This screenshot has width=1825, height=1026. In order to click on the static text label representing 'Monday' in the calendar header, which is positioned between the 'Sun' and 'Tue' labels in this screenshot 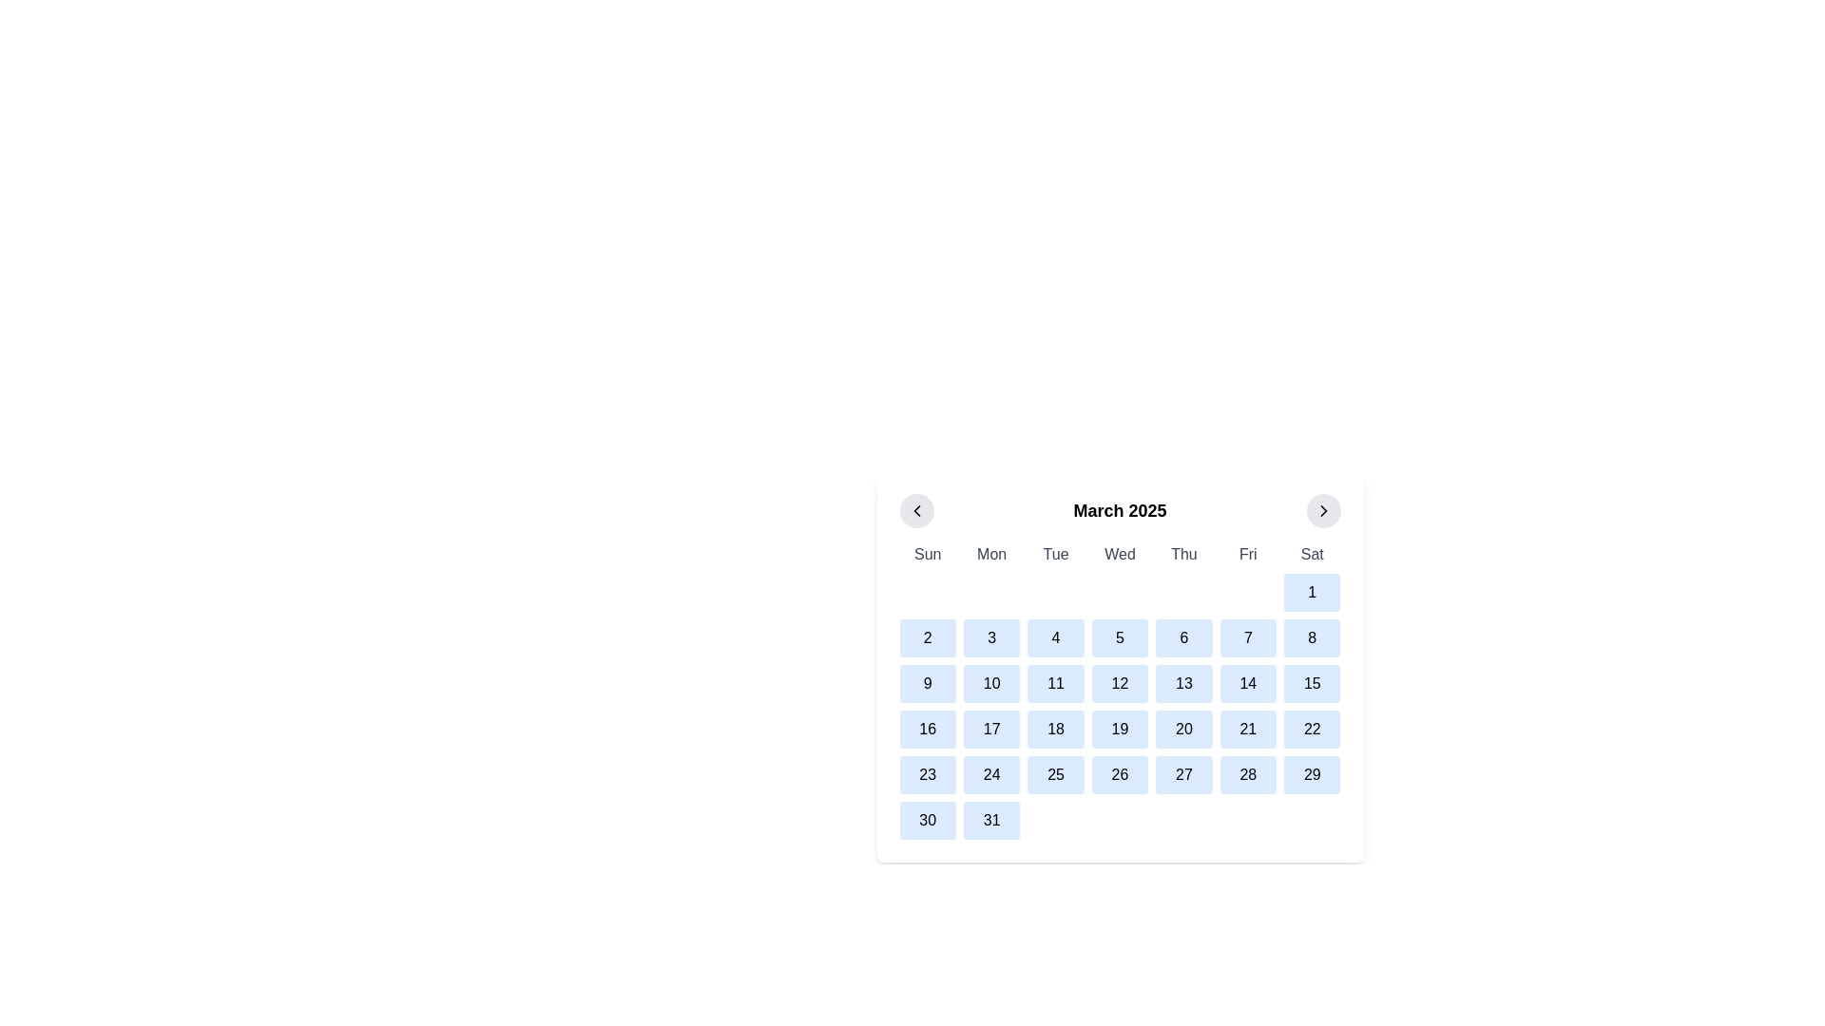, I will do `click(990, 554)`.